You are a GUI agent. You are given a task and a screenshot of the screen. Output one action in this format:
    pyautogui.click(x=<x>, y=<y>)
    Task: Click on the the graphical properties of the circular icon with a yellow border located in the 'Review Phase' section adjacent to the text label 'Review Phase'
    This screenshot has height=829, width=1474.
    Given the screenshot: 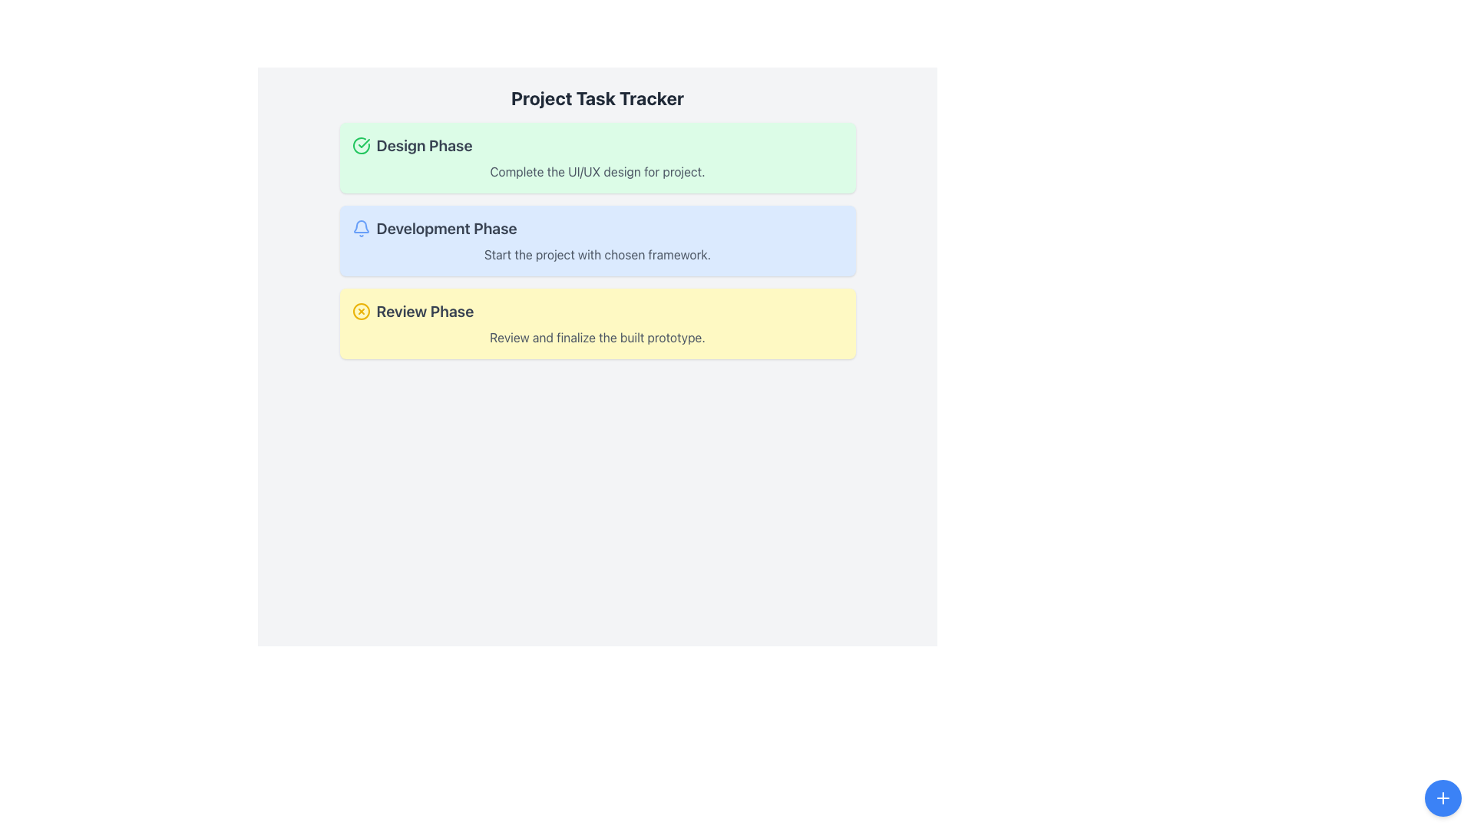 What is the action you would take?
    pyautogui.click(x=360, y=311)
    